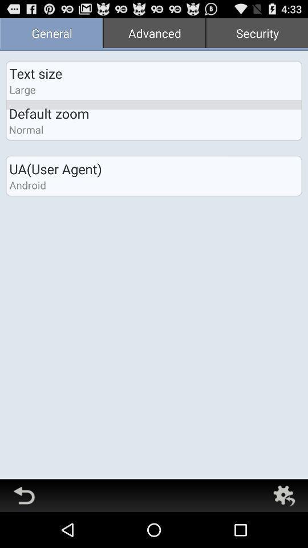 This screenshot has height=548, width=308. Describe the element at coordinates (51, 34) in the screenshot. I see `general icon` at that location.